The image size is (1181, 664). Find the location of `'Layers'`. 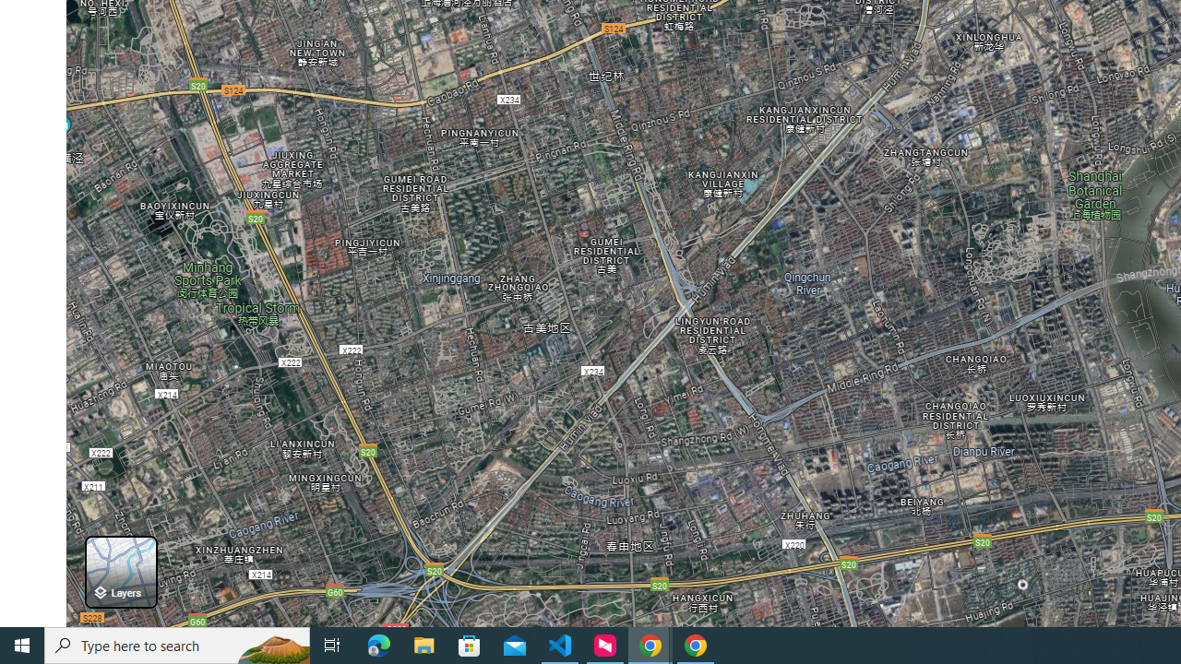

'Layers' is located at coordinates (120, 571).